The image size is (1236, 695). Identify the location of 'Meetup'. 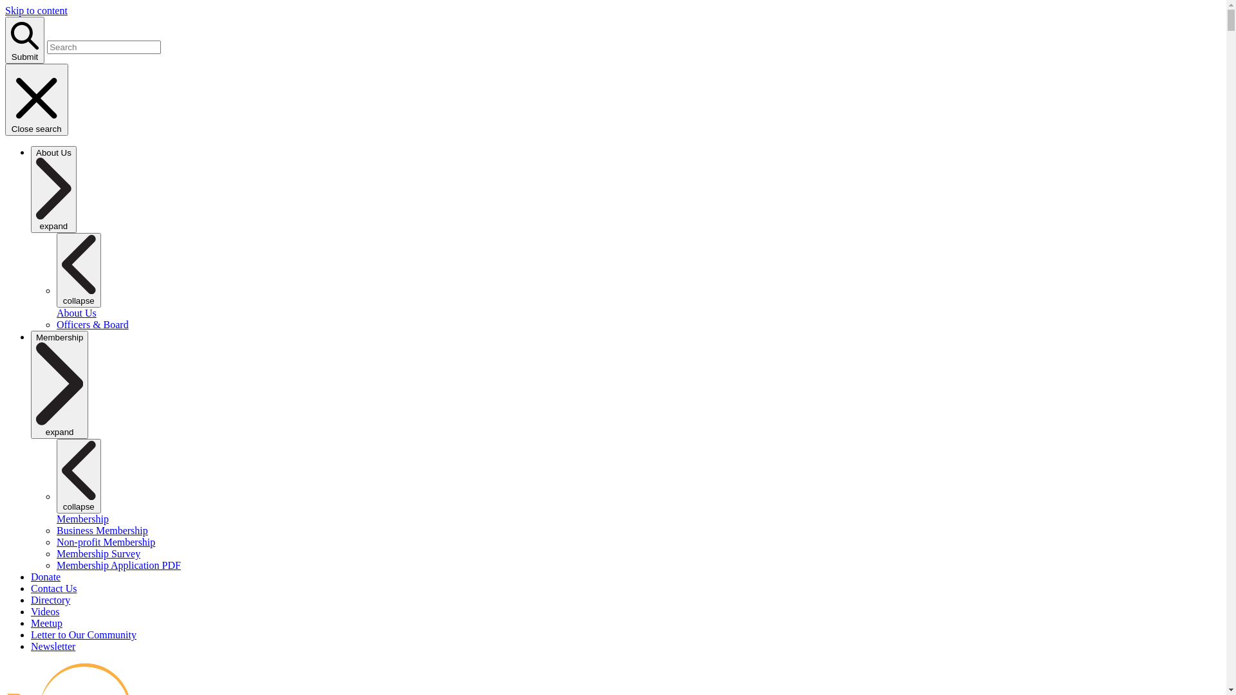
(46, 622).